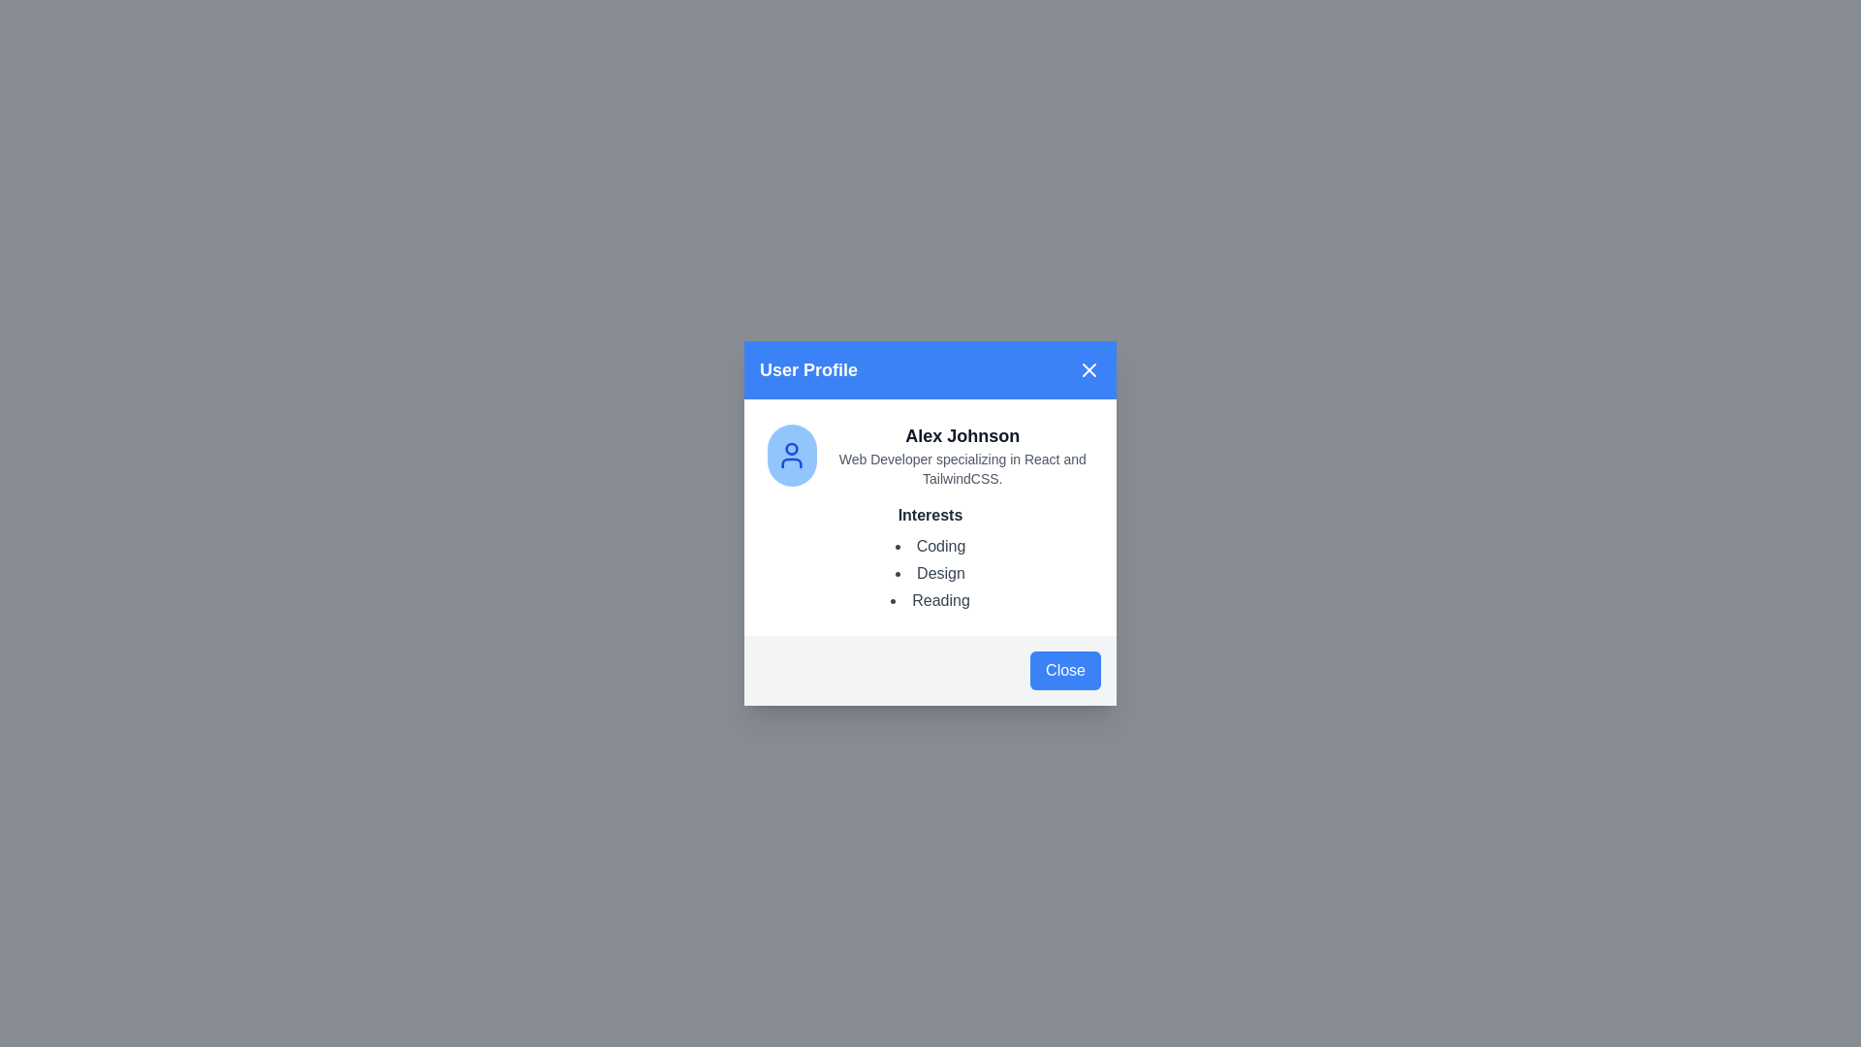 This screenshot has height=1047, width=1861. I want to click on the lower part of the SVG icon representing a person in the user profile dialog box to associate the icon with the user's identity, so click(792, 463).